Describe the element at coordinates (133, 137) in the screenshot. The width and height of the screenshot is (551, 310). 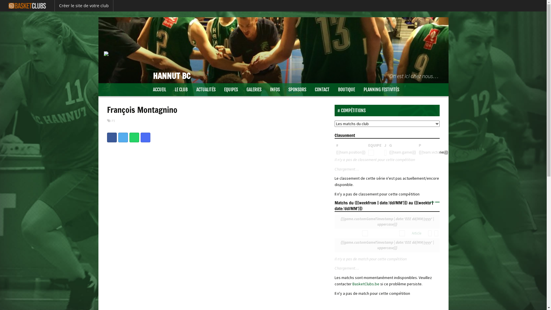
I see `'Partager sur Whatsapp'` at that location.